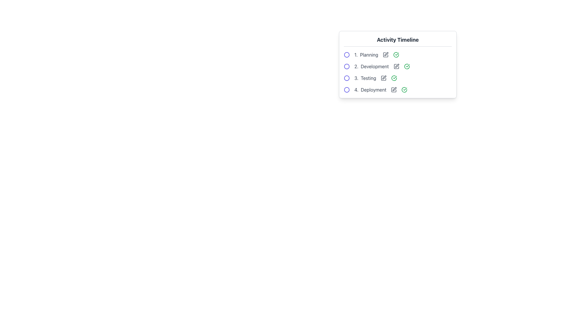 The height and width of the screenshot is (315, 561). What do you see at coordinates (394, 90) in the screenshot?
I see `the interactive square outline icon located to the left of the checkmark icon under the '4. Deployment' entry in the 'Activity Timeline' section` at bounding box center [394, 90].